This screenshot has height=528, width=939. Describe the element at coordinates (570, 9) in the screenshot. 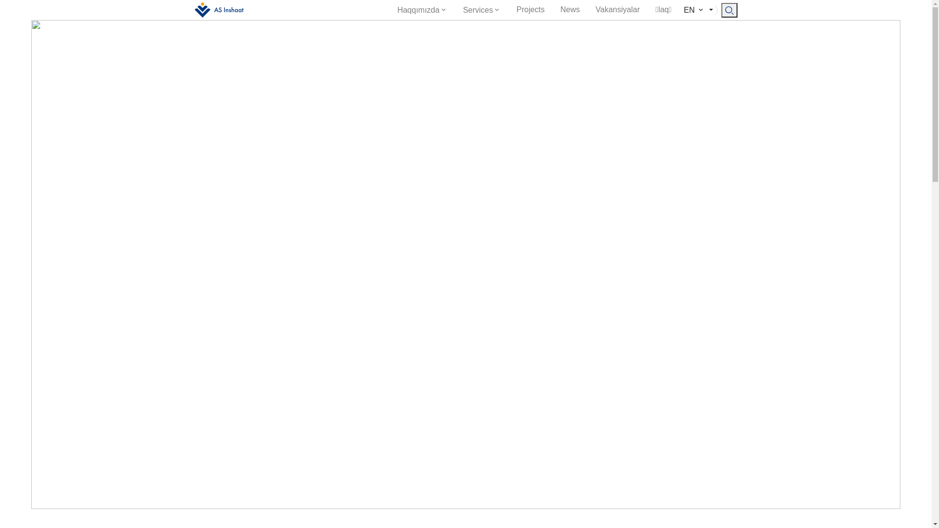

I see `'News'` at that location.